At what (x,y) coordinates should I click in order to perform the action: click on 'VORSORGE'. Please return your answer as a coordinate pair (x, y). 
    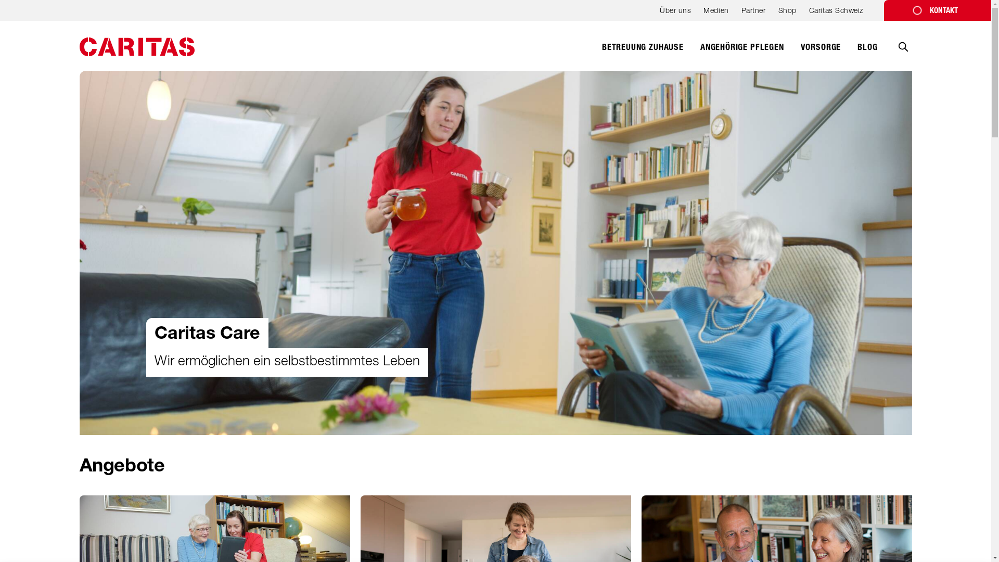
    Looking at the image, I should click on (800, 53).